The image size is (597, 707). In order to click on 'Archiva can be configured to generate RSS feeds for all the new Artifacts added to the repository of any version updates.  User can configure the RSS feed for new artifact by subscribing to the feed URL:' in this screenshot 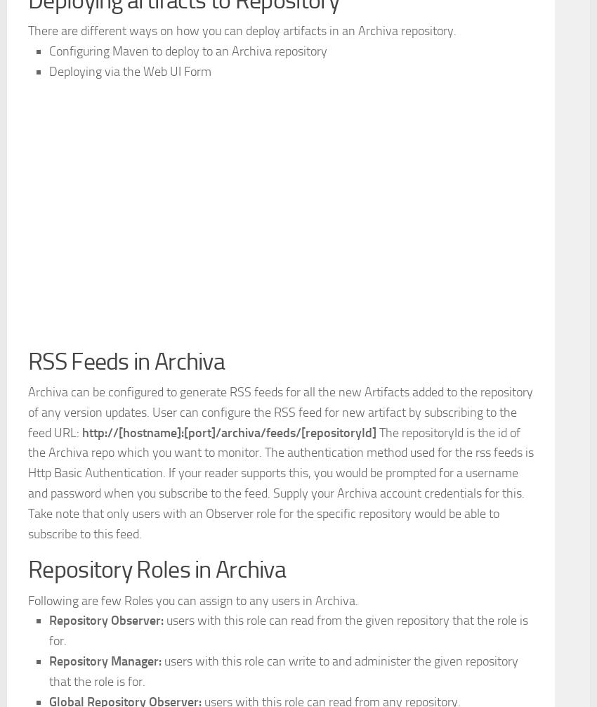, I will do `click(27, 608)`.